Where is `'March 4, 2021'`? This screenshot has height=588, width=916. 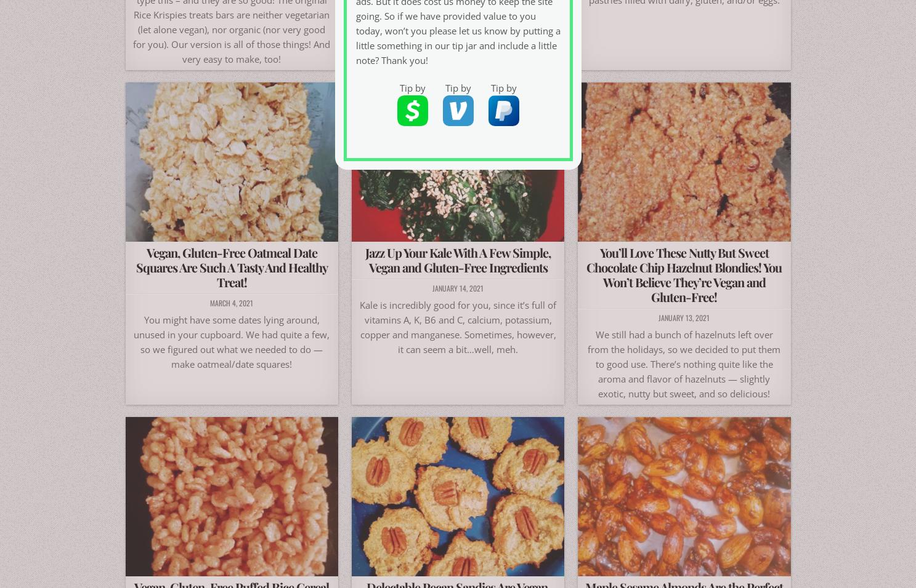 'March 4, 2021' is located at coordinates (232, 301).